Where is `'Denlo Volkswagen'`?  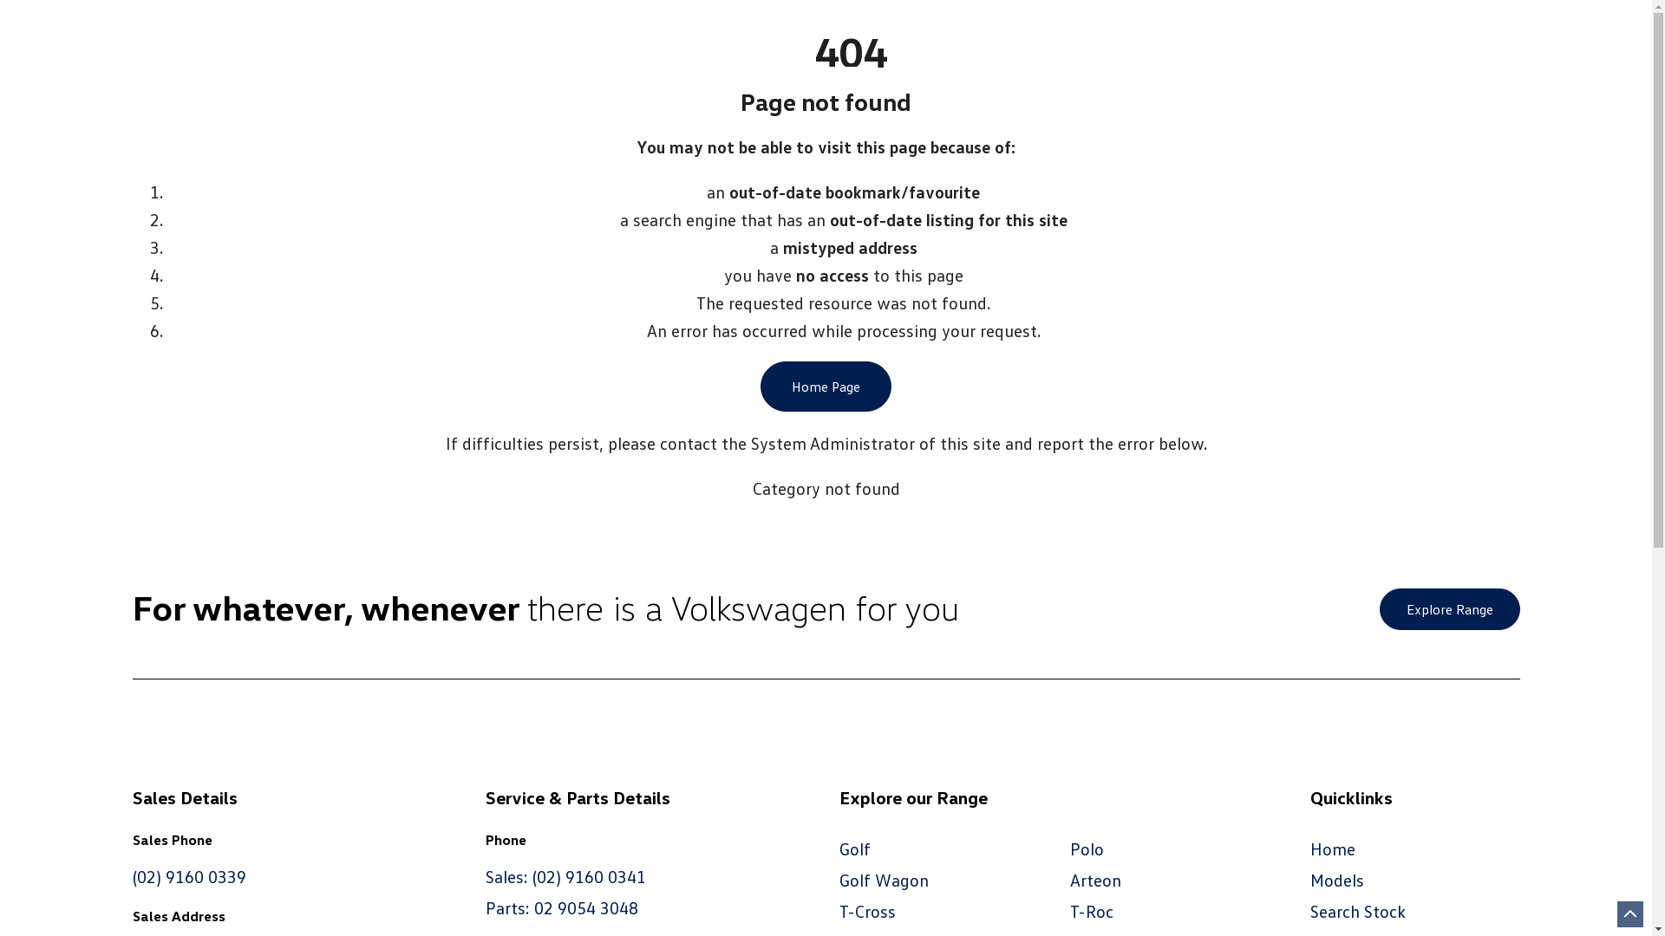
'Denlo Volkswagen' is located at coordinates (995, 66).